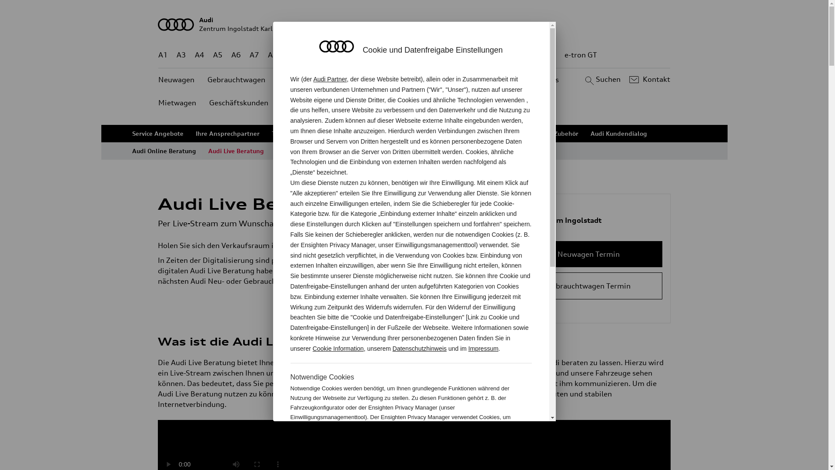 The image size is (835, 470). Describe the element at coordinates (388, 55) in the screenshot. I see `'Q7'` at that location.